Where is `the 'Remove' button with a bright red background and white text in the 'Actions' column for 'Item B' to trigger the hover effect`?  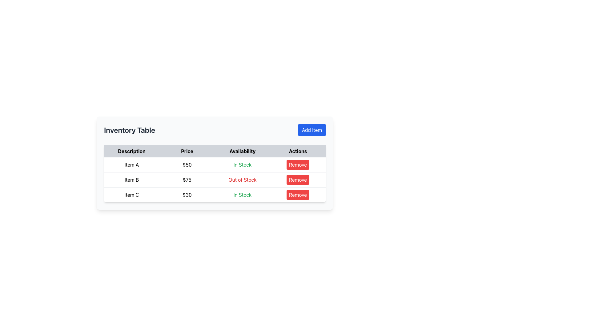
the 'Remove' button with a bright red background and white text in the 'Actions' column for 'Item B' to trigger the hover effect is located at coordinates (298, 180).